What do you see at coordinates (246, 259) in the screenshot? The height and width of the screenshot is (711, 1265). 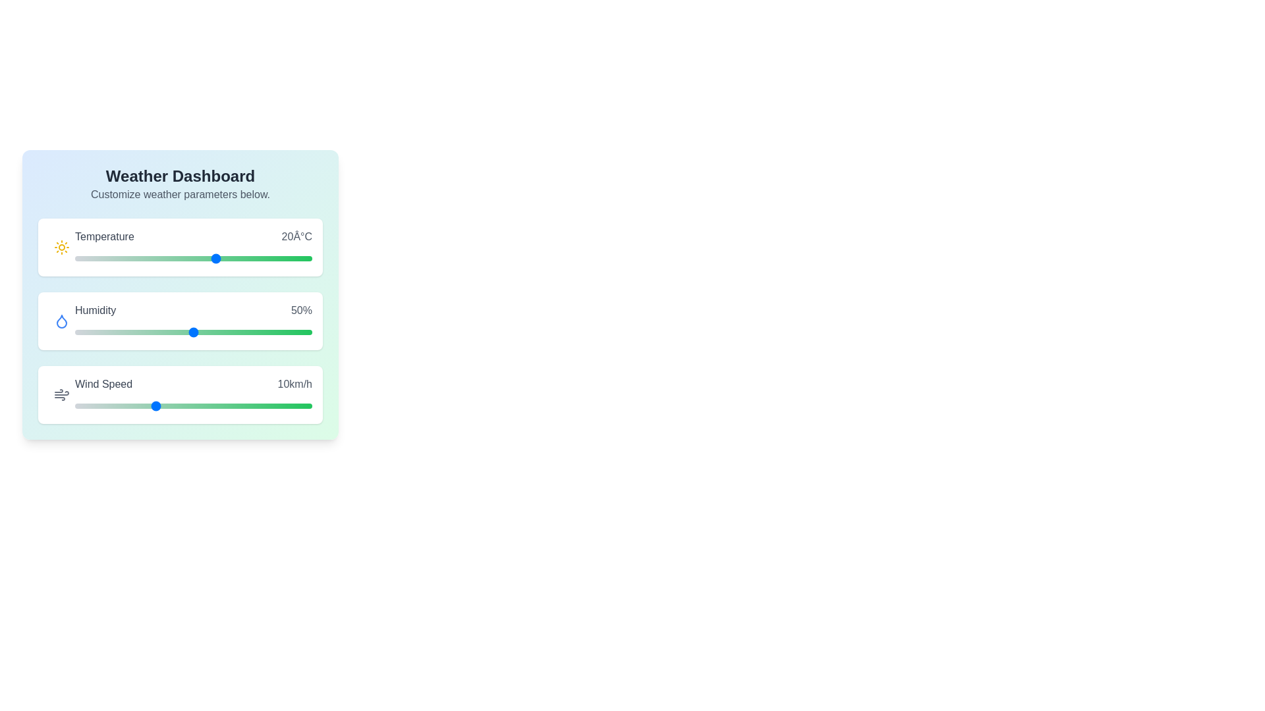 I see `the temperature slider to 26°C` at bounding box center [246, 259].